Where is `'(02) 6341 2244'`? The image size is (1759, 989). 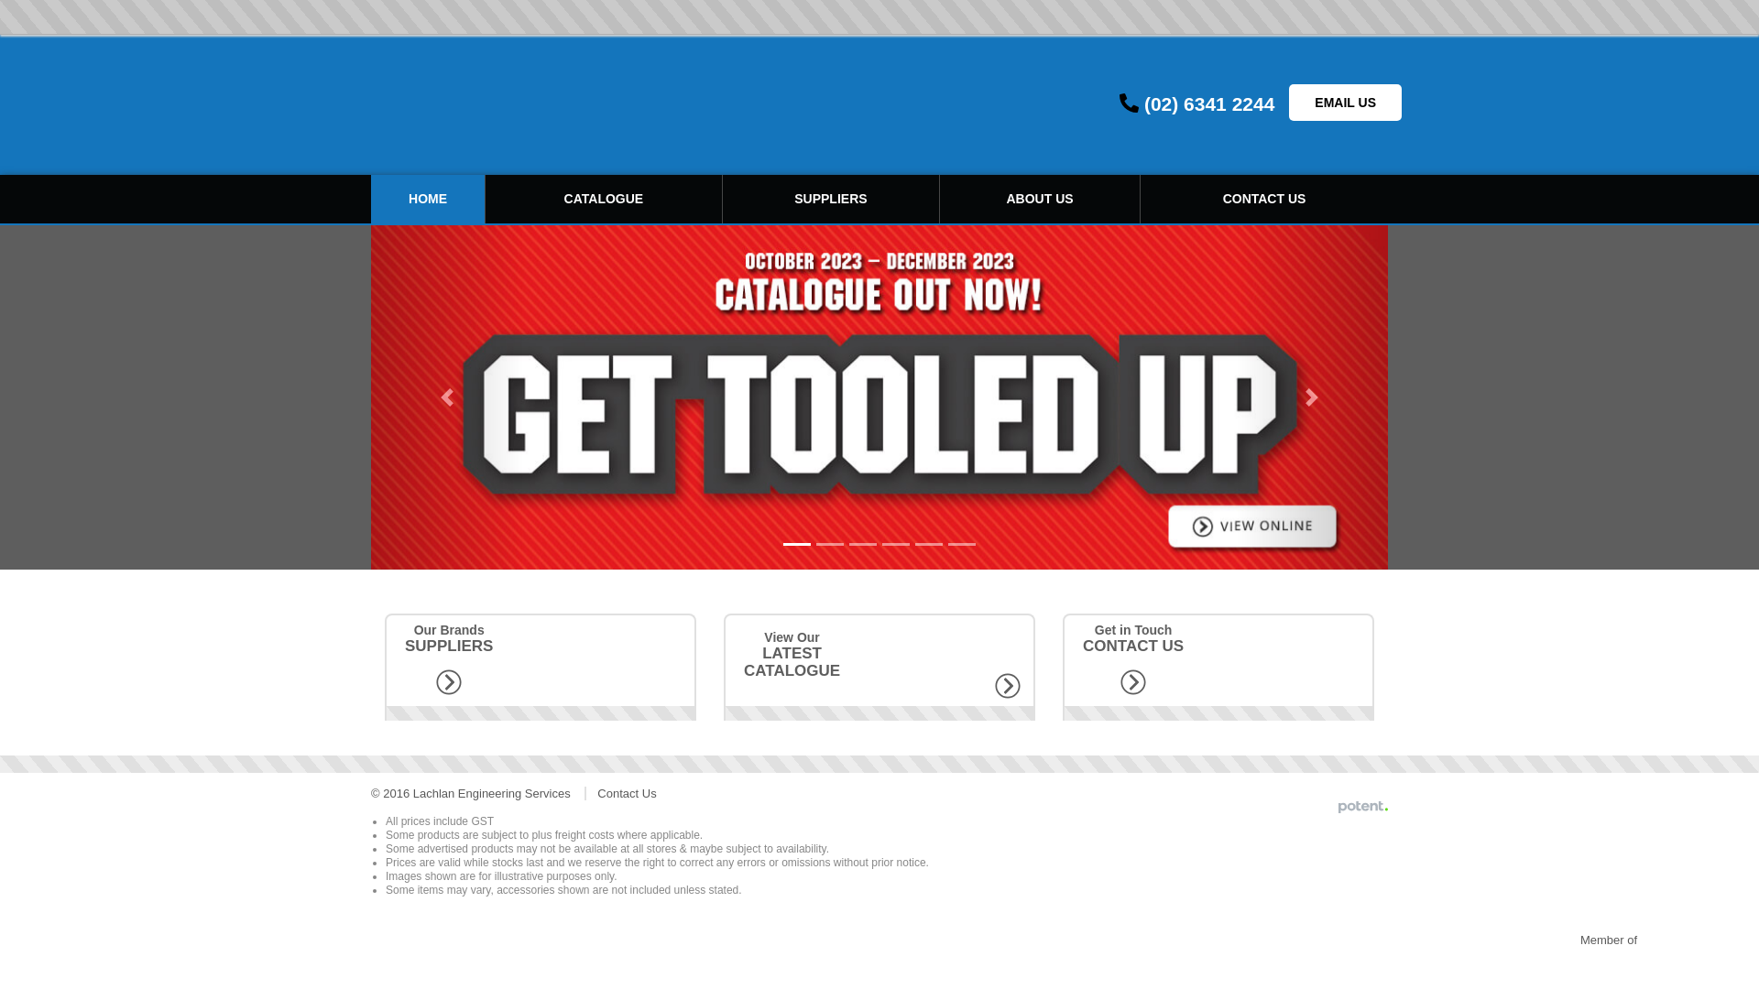 '(02) 6341 2244' is located at coordinates (1209, 103).